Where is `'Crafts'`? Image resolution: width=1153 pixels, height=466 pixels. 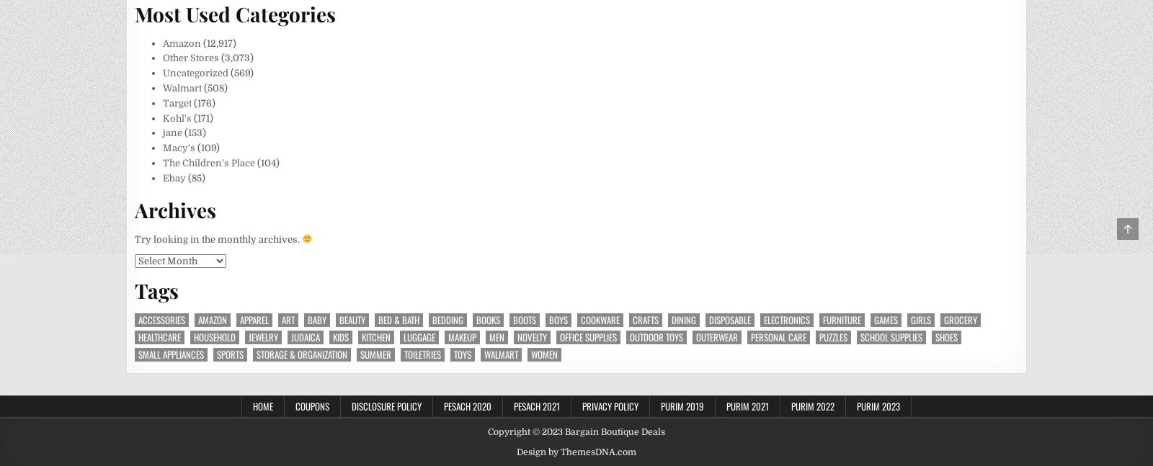
'Crafts' is located at coordinates (645, 318).